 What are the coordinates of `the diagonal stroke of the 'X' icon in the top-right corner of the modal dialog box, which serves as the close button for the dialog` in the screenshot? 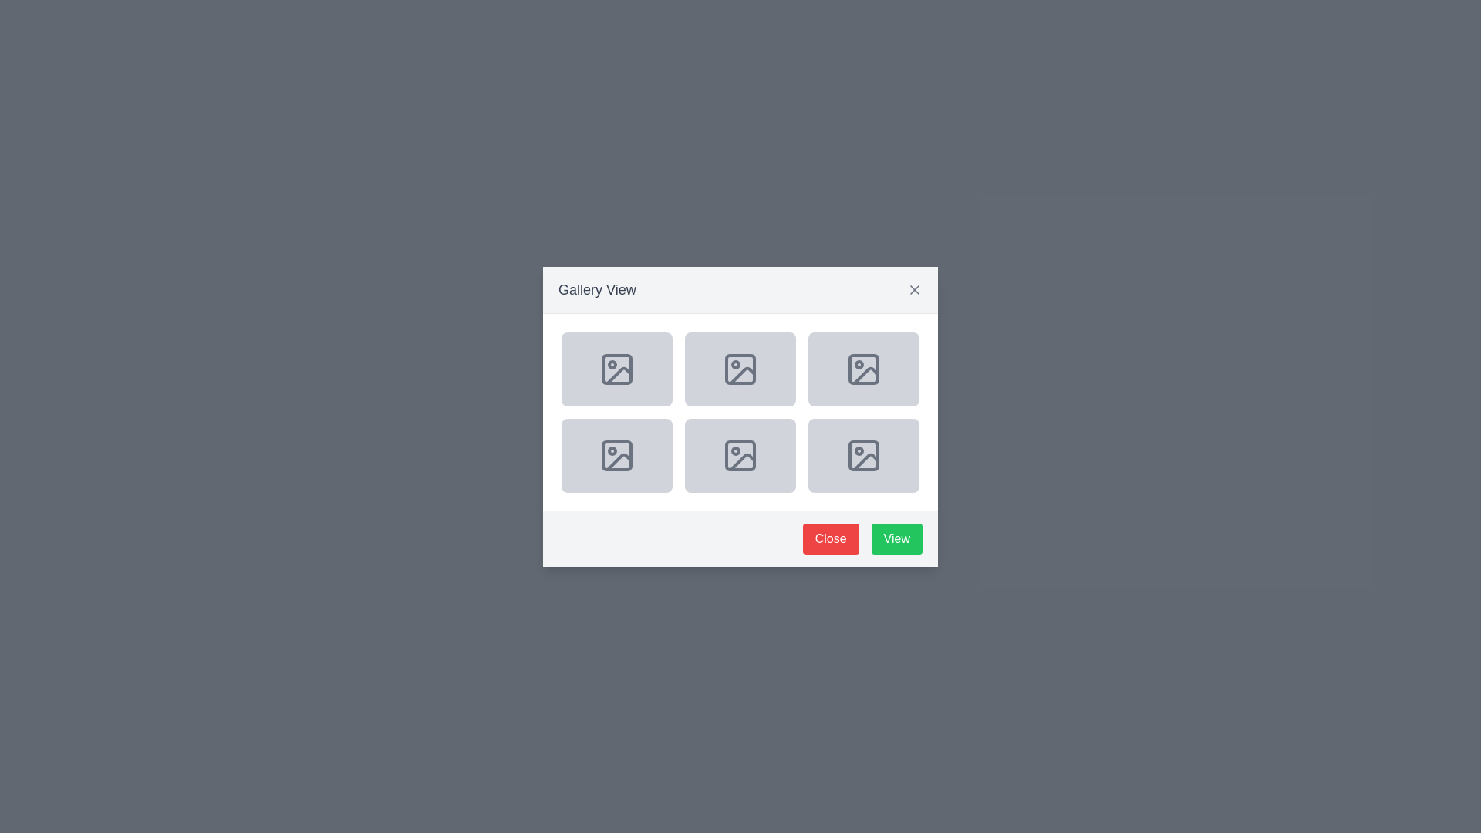 It's located at (914, 289).